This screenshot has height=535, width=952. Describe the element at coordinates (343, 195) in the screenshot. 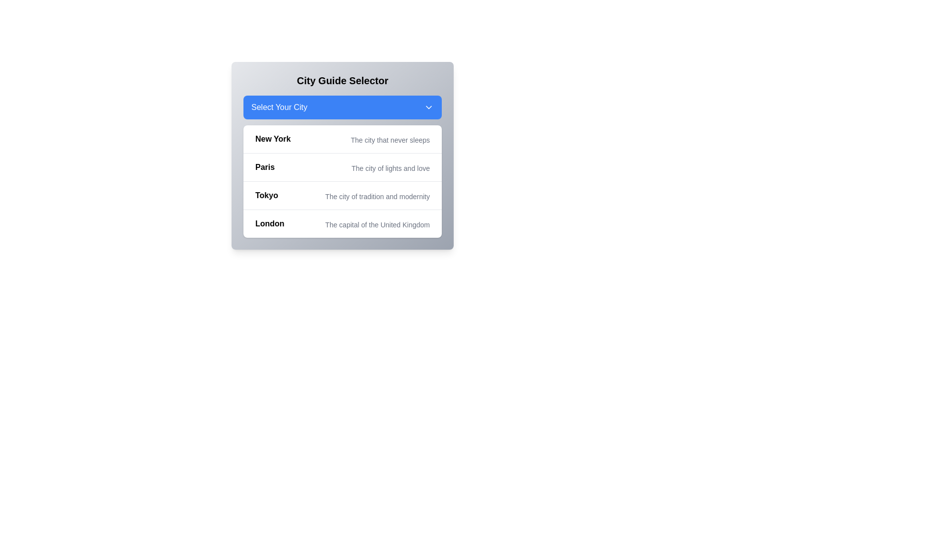

I see `to select the city 'Tokyo' from the city selector menu, which is the third item in the list, positioned between 'Paris' and 'London'` at that location.